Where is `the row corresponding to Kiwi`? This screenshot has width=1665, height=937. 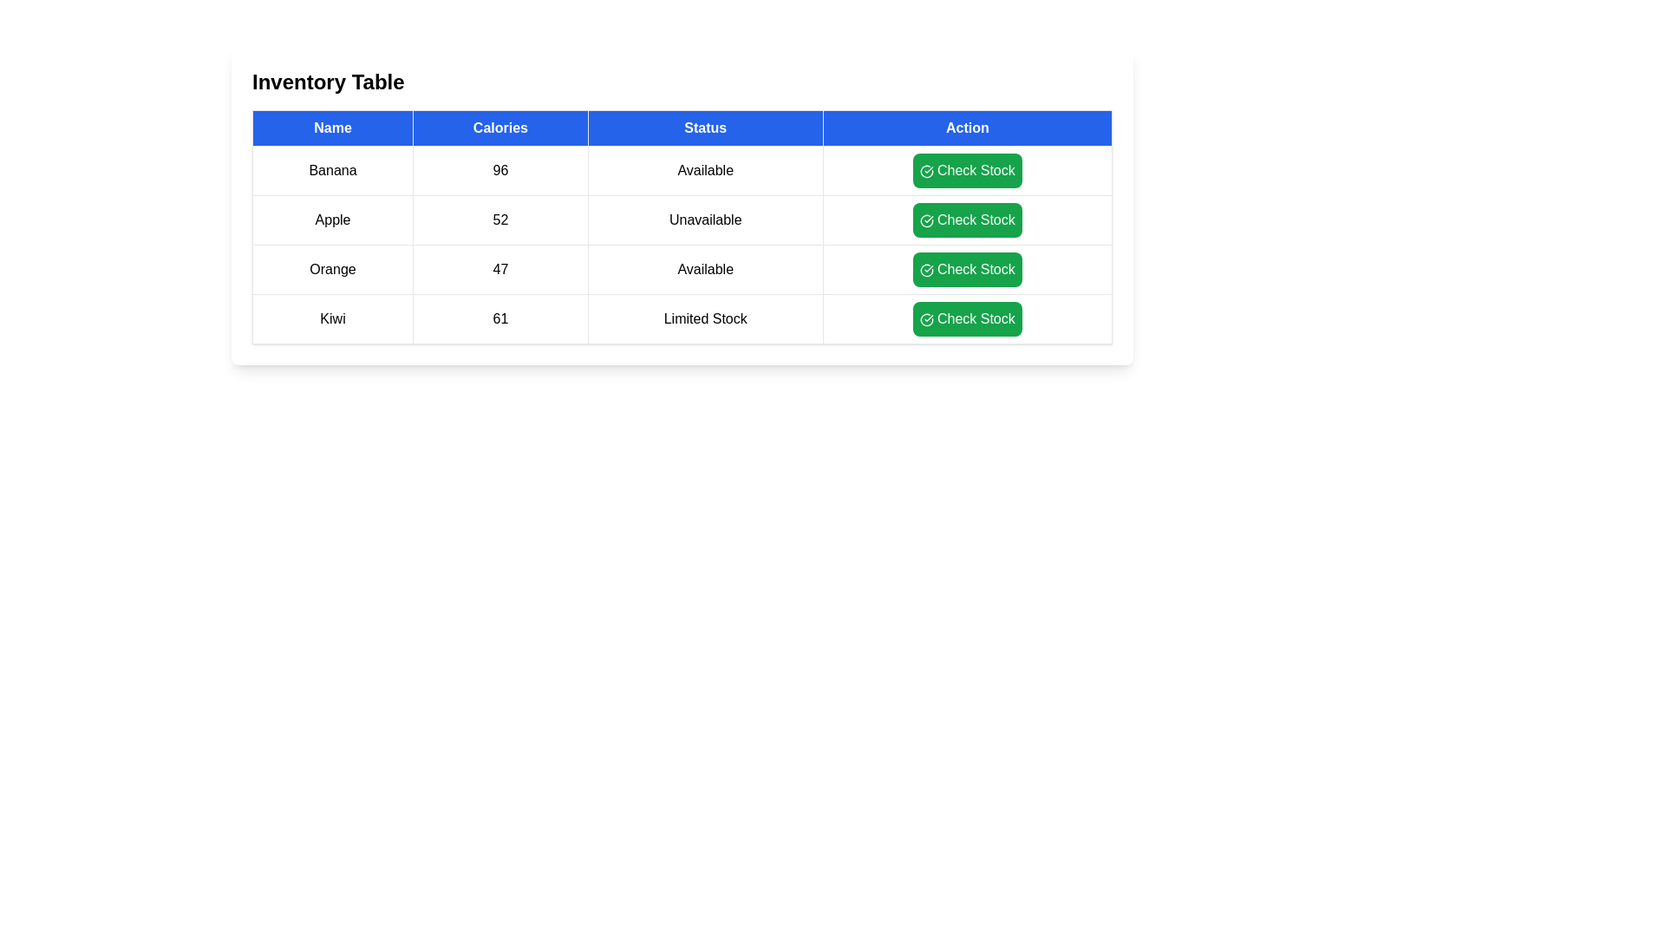 the row corresponding to Kiwi is located at coordinates (682, 318).